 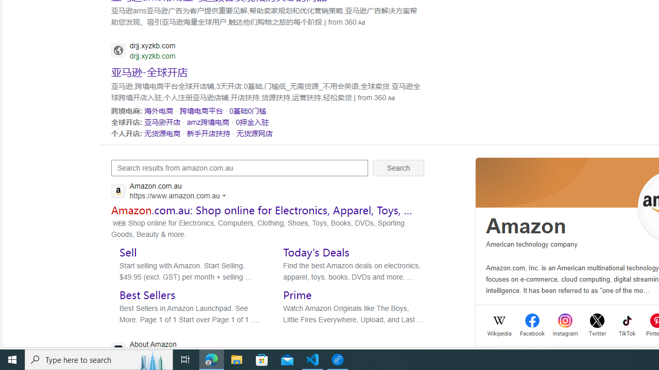 I want to click on 'SERP,5564', so click(x=149, y=71).